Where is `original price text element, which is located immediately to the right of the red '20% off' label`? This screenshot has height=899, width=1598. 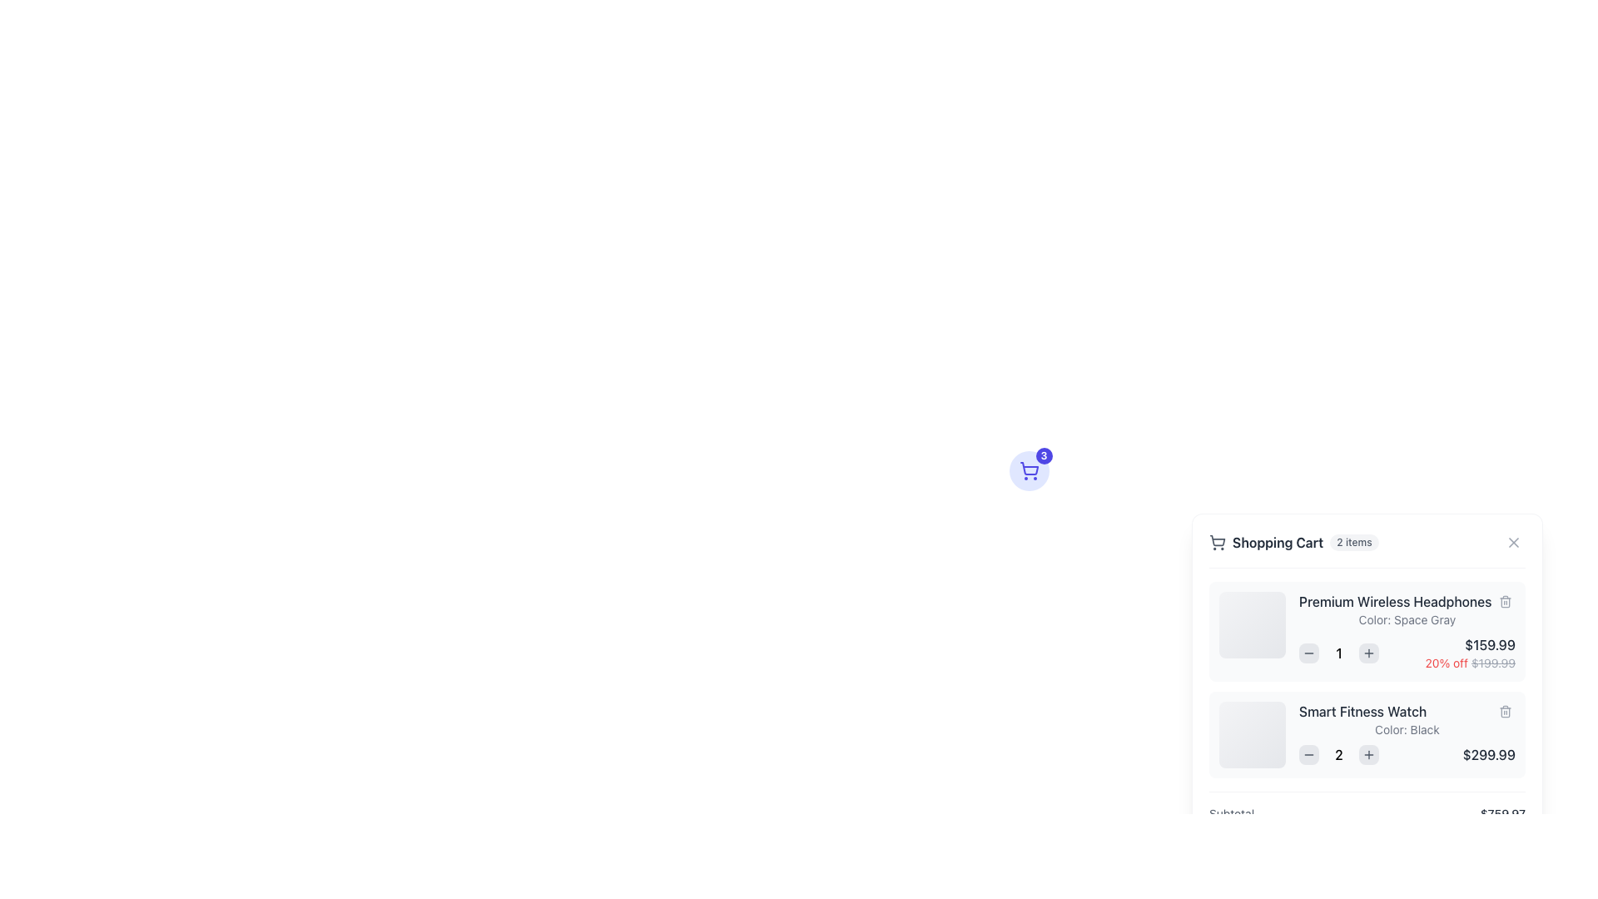 original price text element, which is located immediately to the right of the red '20% off' label is located at coordinates (1493, 662).